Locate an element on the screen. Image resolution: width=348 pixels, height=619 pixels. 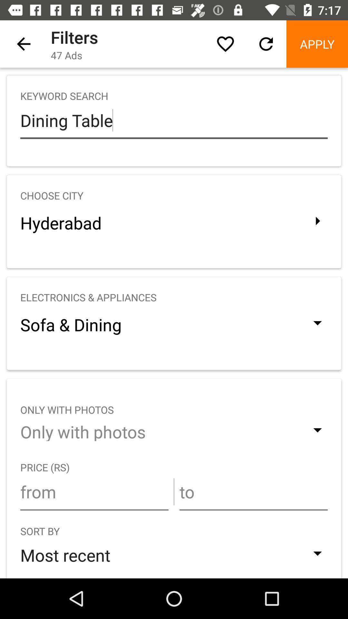
the icon below the only with photos item is located at coordinates (94, 491).